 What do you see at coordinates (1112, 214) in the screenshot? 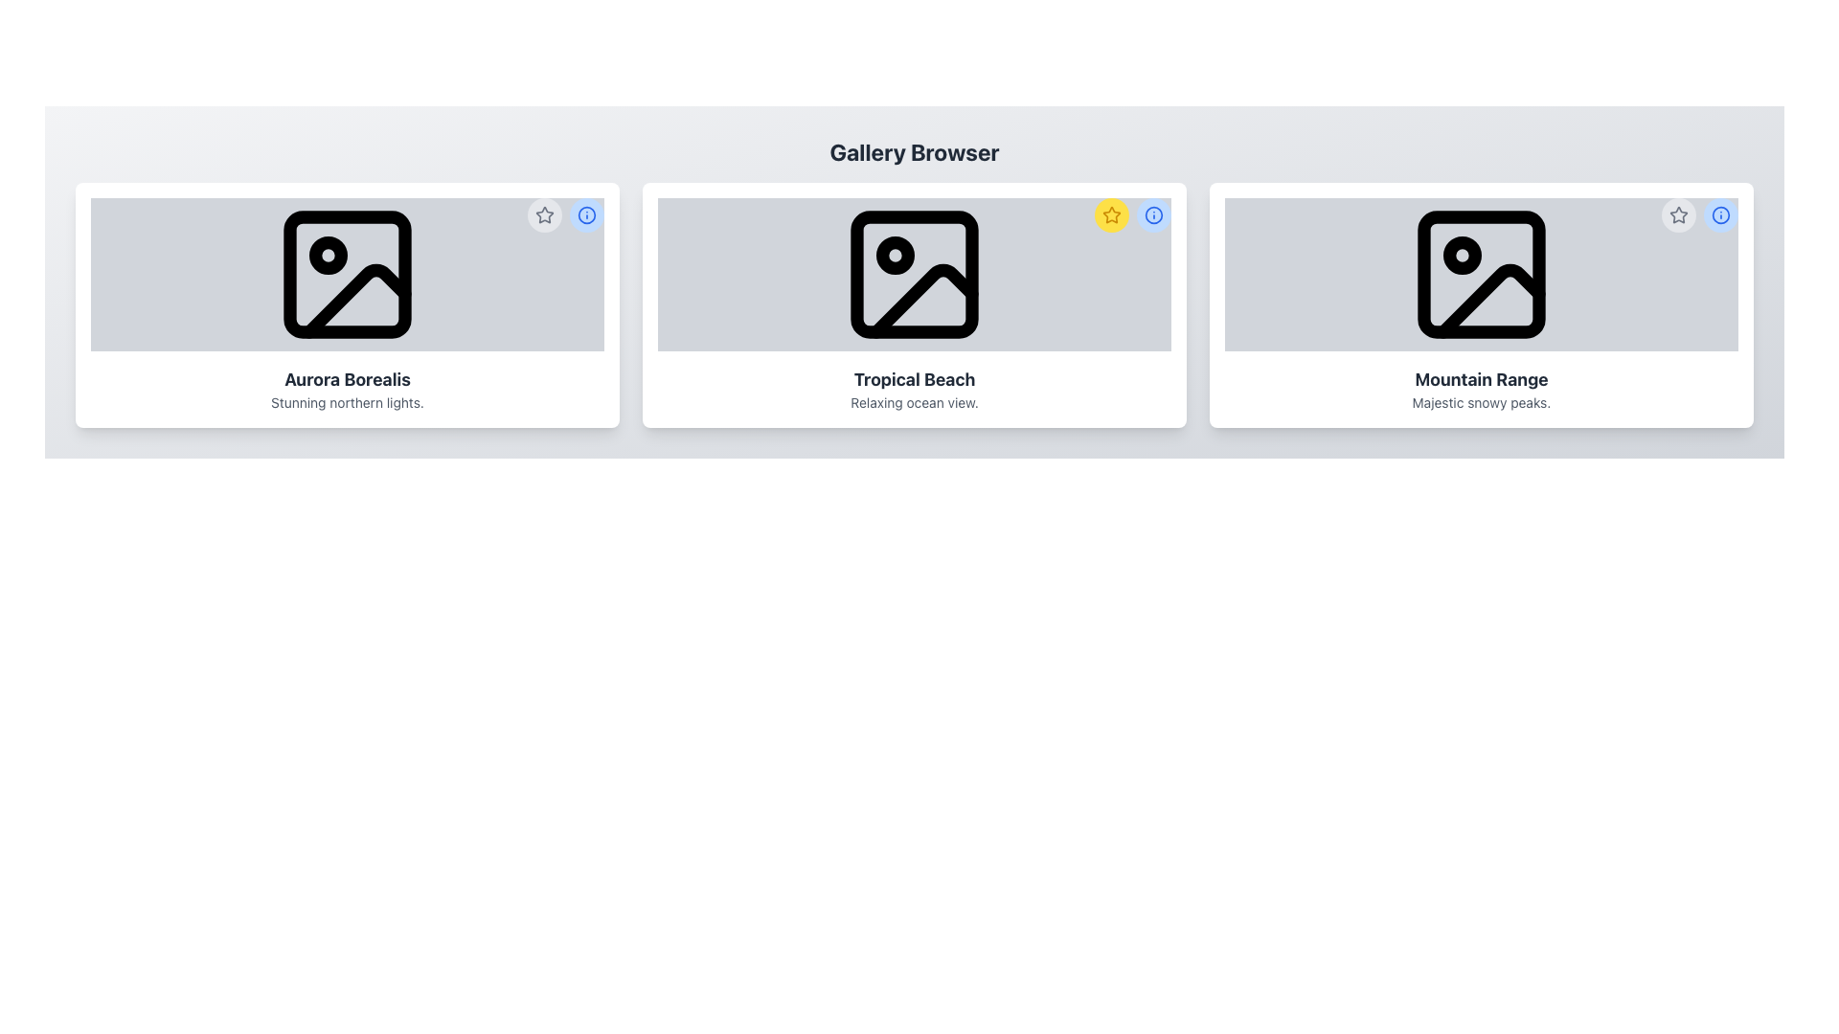
I see `the star icon in the upper right corner of the 'Tropical Beach' card` at bounding box center [1112, 214].